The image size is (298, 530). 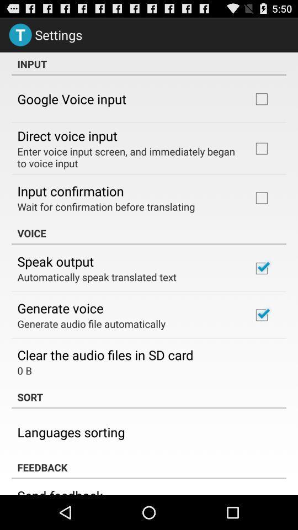 I want to click on the generate voice app, so click(x=60, y=308).